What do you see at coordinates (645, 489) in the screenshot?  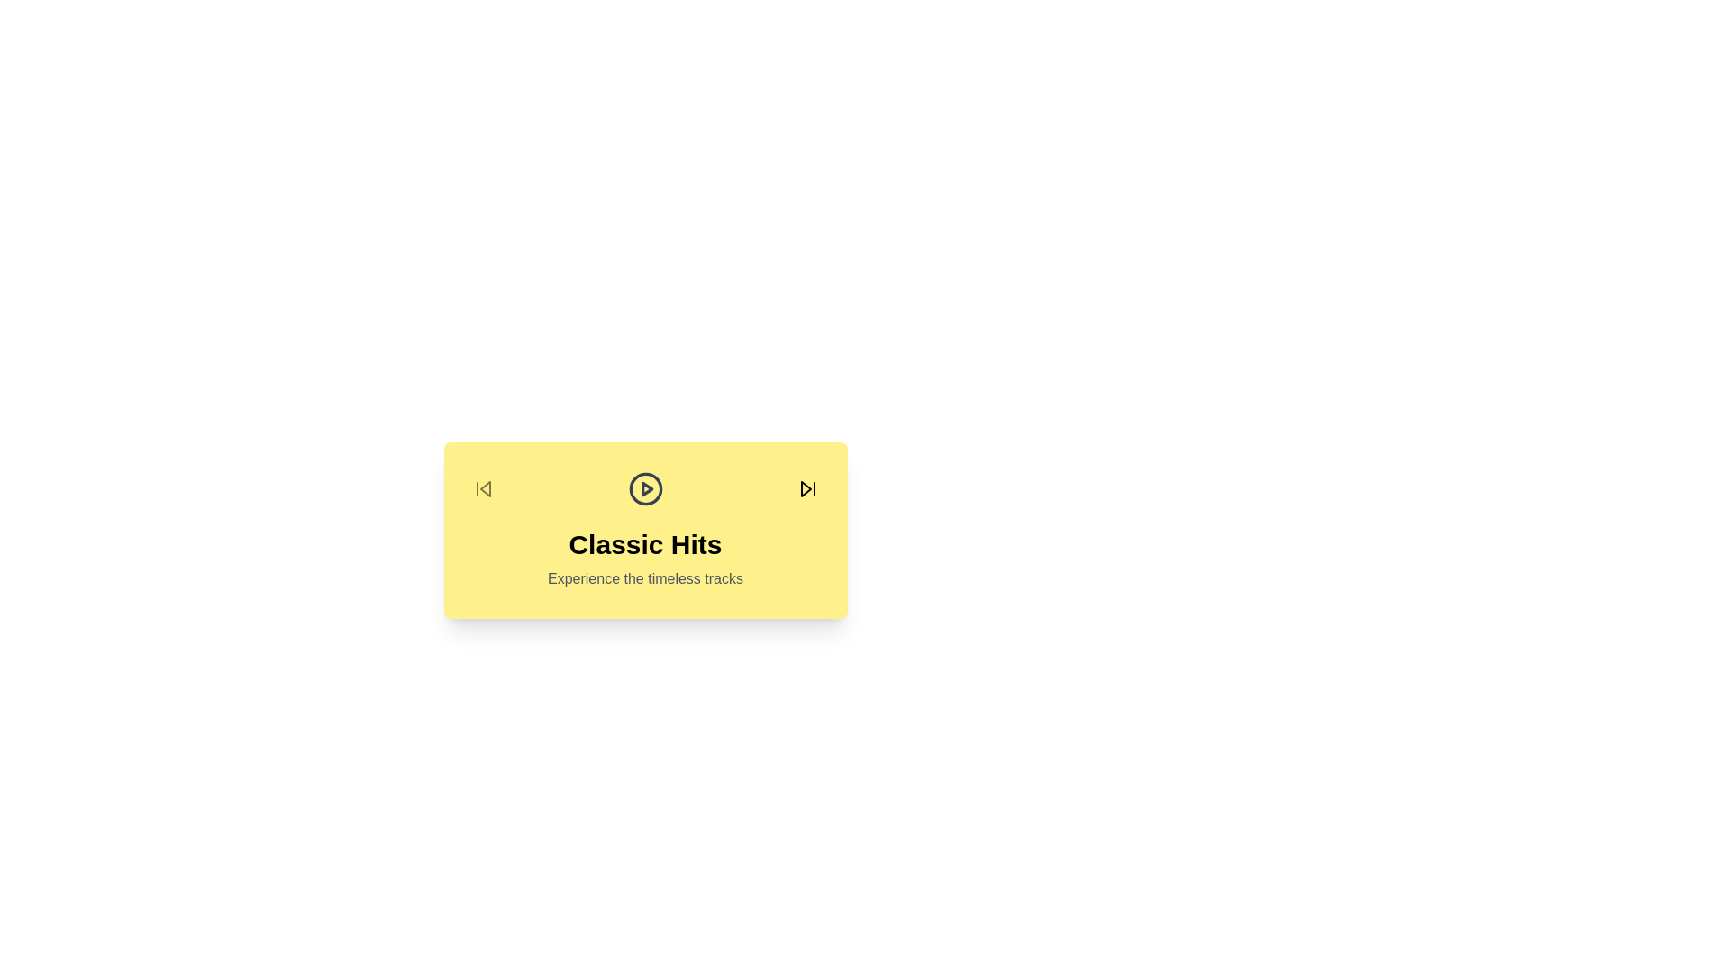 I see `the play button to view the current album details` at bounding box center [645, 489].